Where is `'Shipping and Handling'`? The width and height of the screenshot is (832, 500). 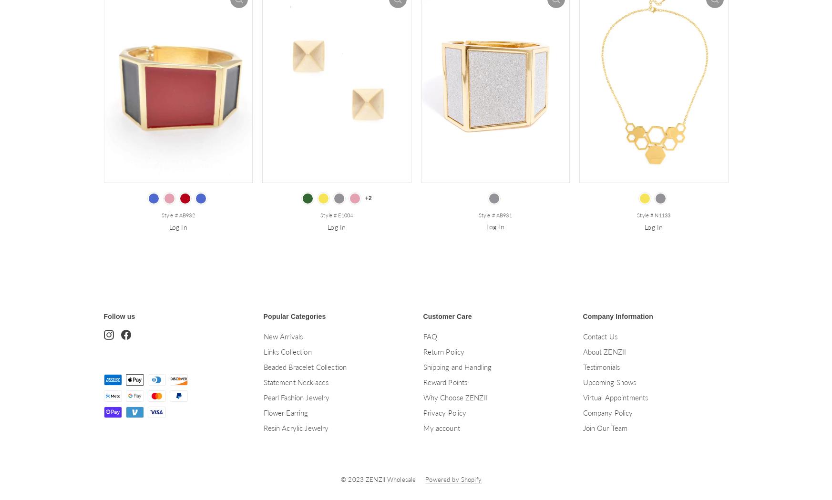
'Shipping and Handling' is located at coordinates (457, 367).